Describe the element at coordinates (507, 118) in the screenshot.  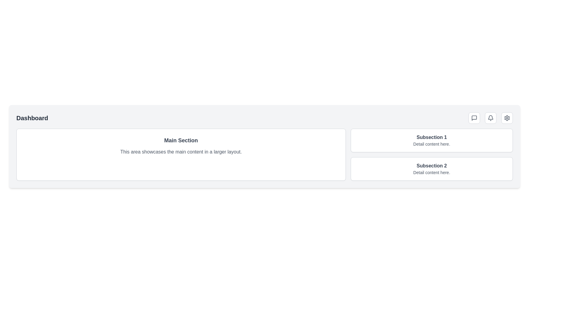
I see `the button with a gear icon, which is the third button in the upper right corner of the interface, to observe any tooltip or hover effect` at that location.